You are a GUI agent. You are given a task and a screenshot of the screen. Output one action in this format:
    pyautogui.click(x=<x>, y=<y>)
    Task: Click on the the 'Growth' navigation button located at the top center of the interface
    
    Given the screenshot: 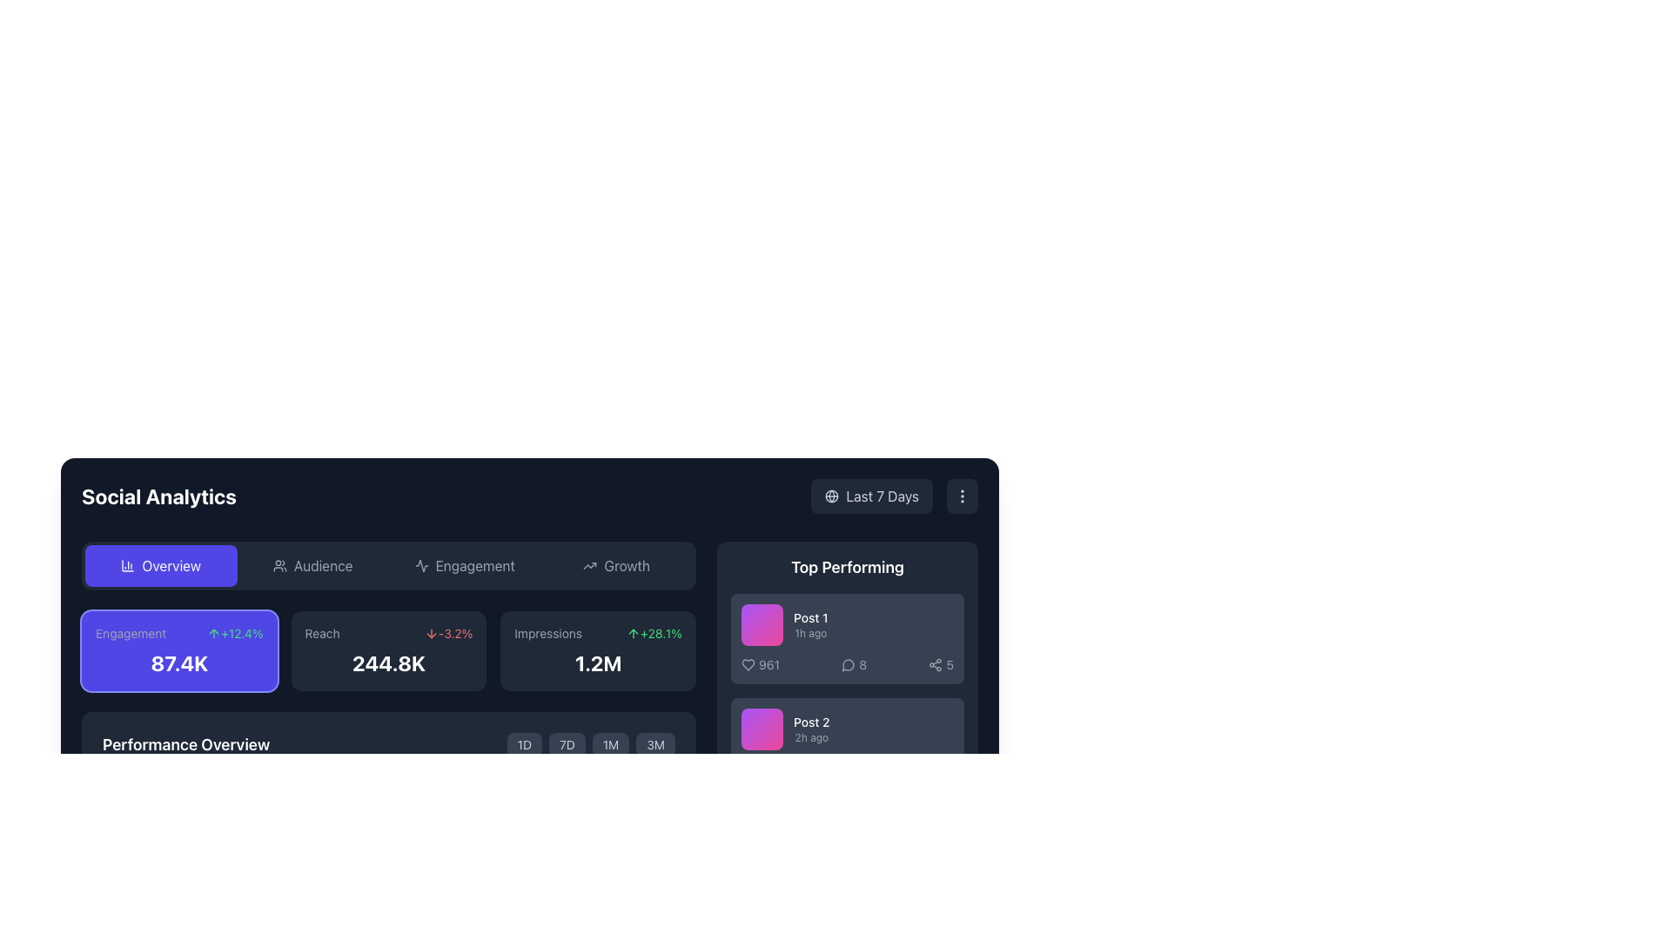 What is the action you would take?
    pyautogui.click(x=616, y=566)
    